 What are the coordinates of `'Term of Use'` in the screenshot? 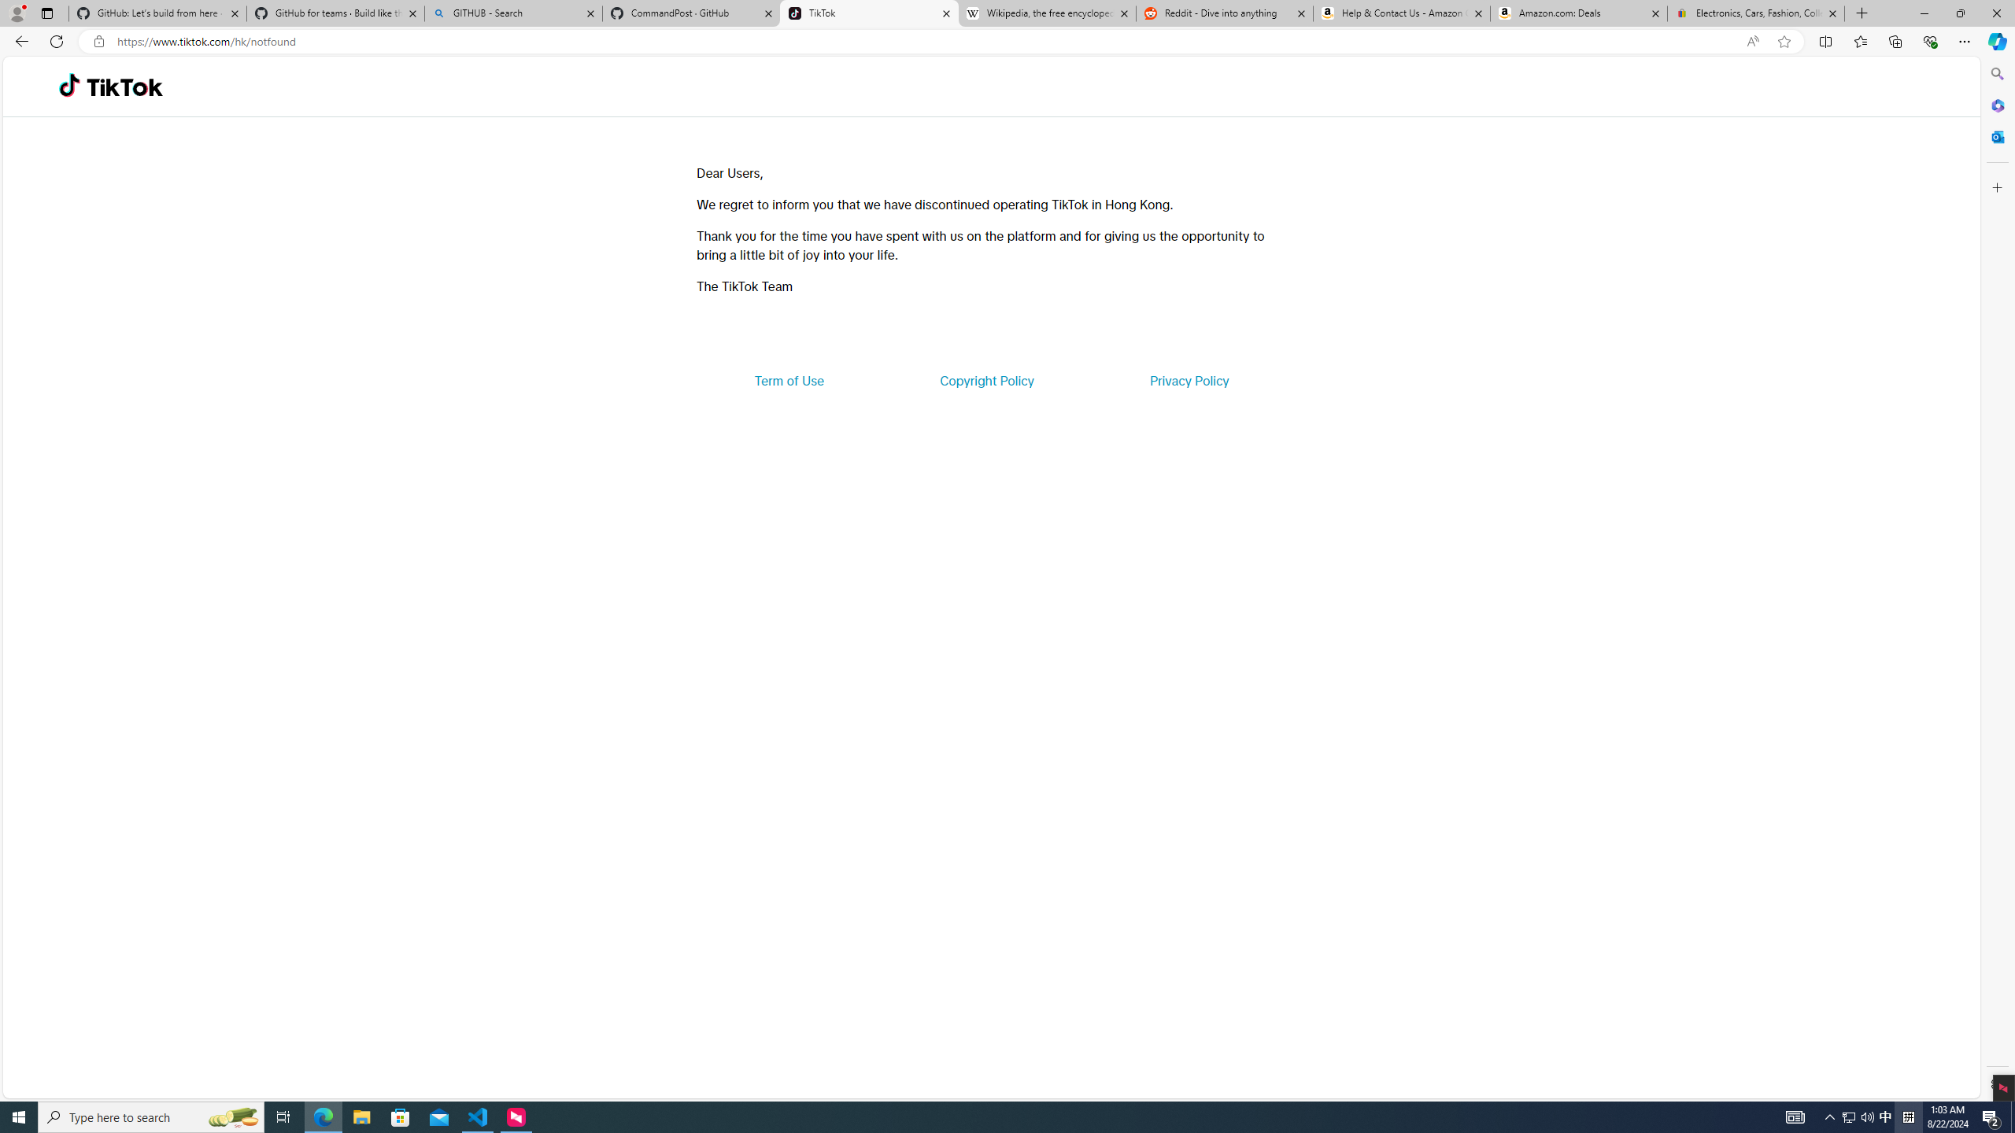 It's located at (789, 379).